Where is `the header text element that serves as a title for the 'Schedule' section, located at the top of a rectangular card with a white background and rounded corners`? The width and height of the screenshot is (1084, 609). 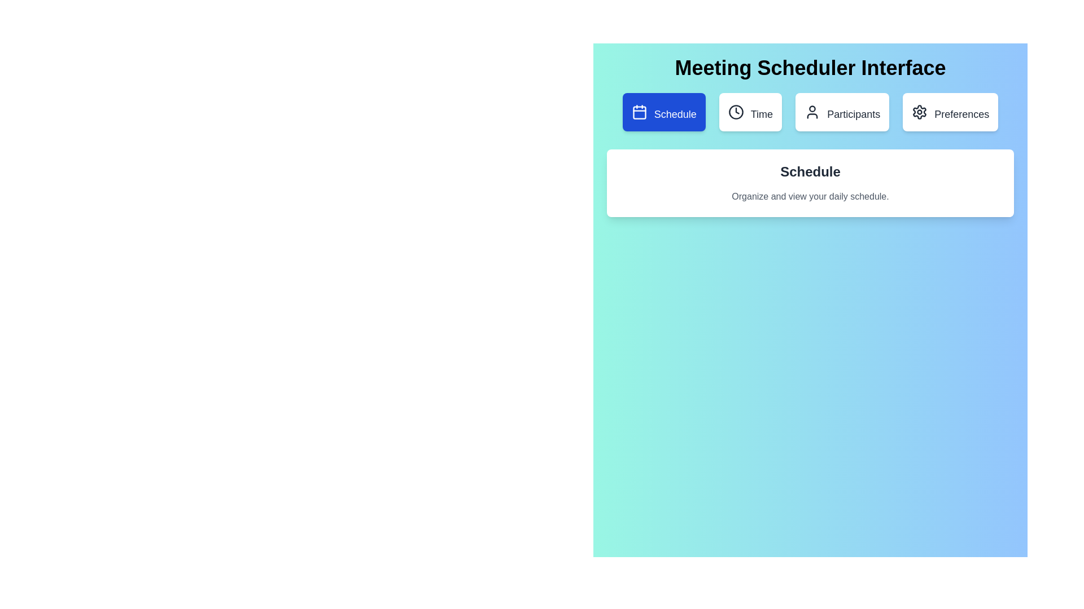 the header text element that serves as a title for the 'Schedule' section, located at the top of a rectangular card with a white background and rounded corners is located at coordinates (810, 171).